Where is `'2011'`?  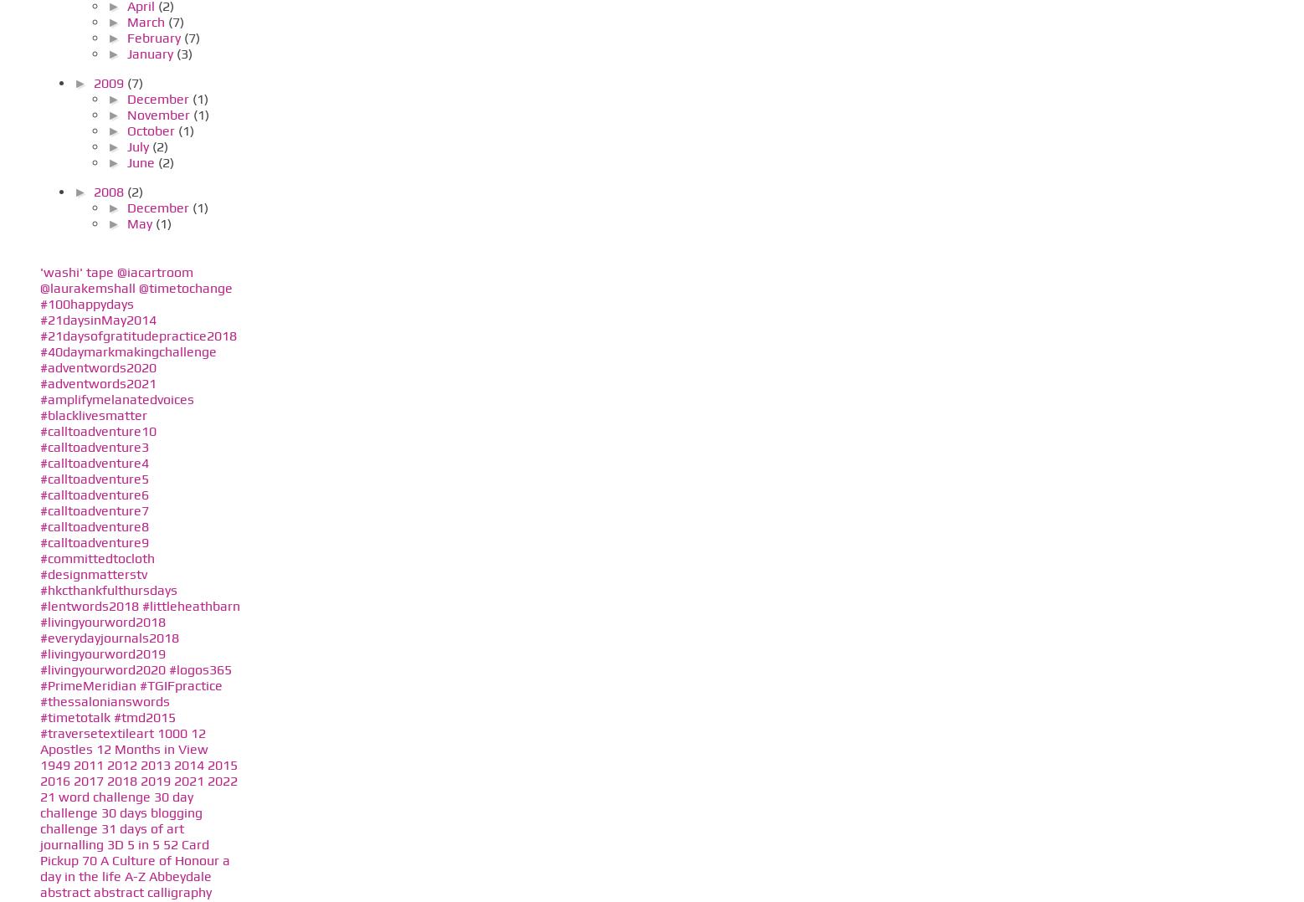 '2011' is located at coordinates (87, 764).